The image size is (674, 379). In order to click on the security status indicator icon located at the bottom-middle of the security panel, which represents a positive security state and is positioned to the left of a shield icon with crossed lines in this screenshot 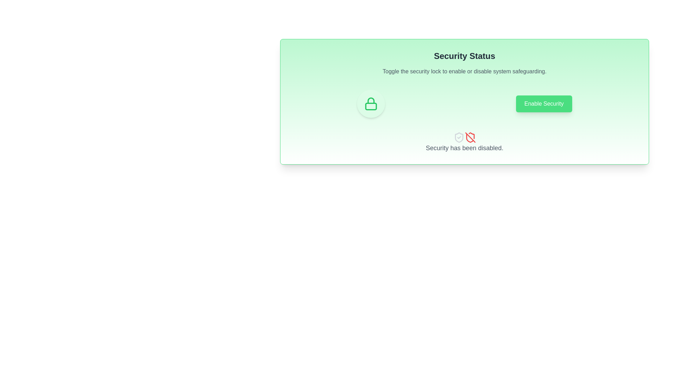, I will do `click(459, 138)`.